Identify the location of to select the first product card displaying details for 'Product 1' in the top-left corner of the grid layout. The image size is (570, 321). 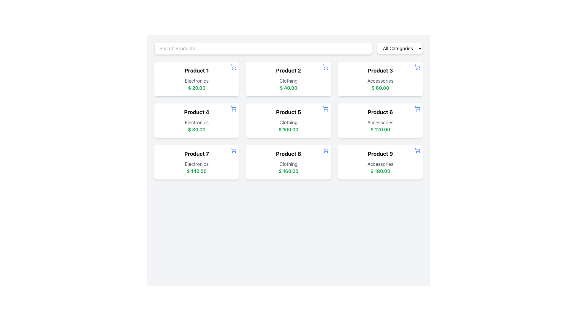
(197, 79).